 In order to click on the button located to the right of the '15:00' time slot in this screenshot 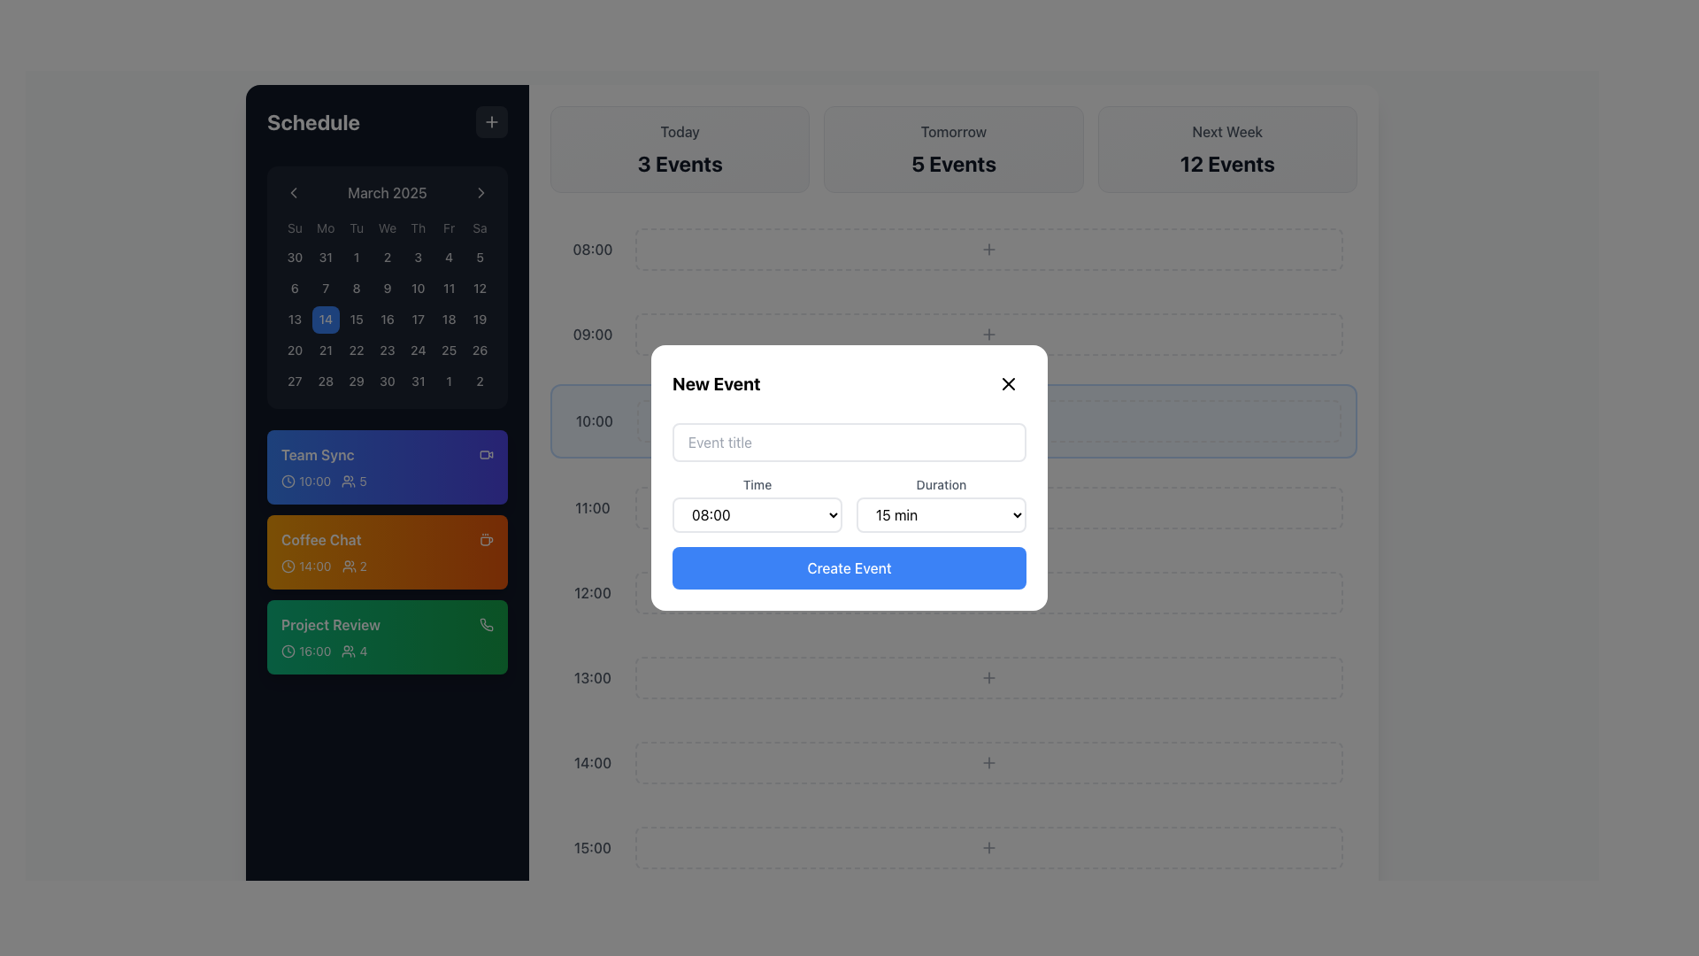, I will do `click(988, 846)`.